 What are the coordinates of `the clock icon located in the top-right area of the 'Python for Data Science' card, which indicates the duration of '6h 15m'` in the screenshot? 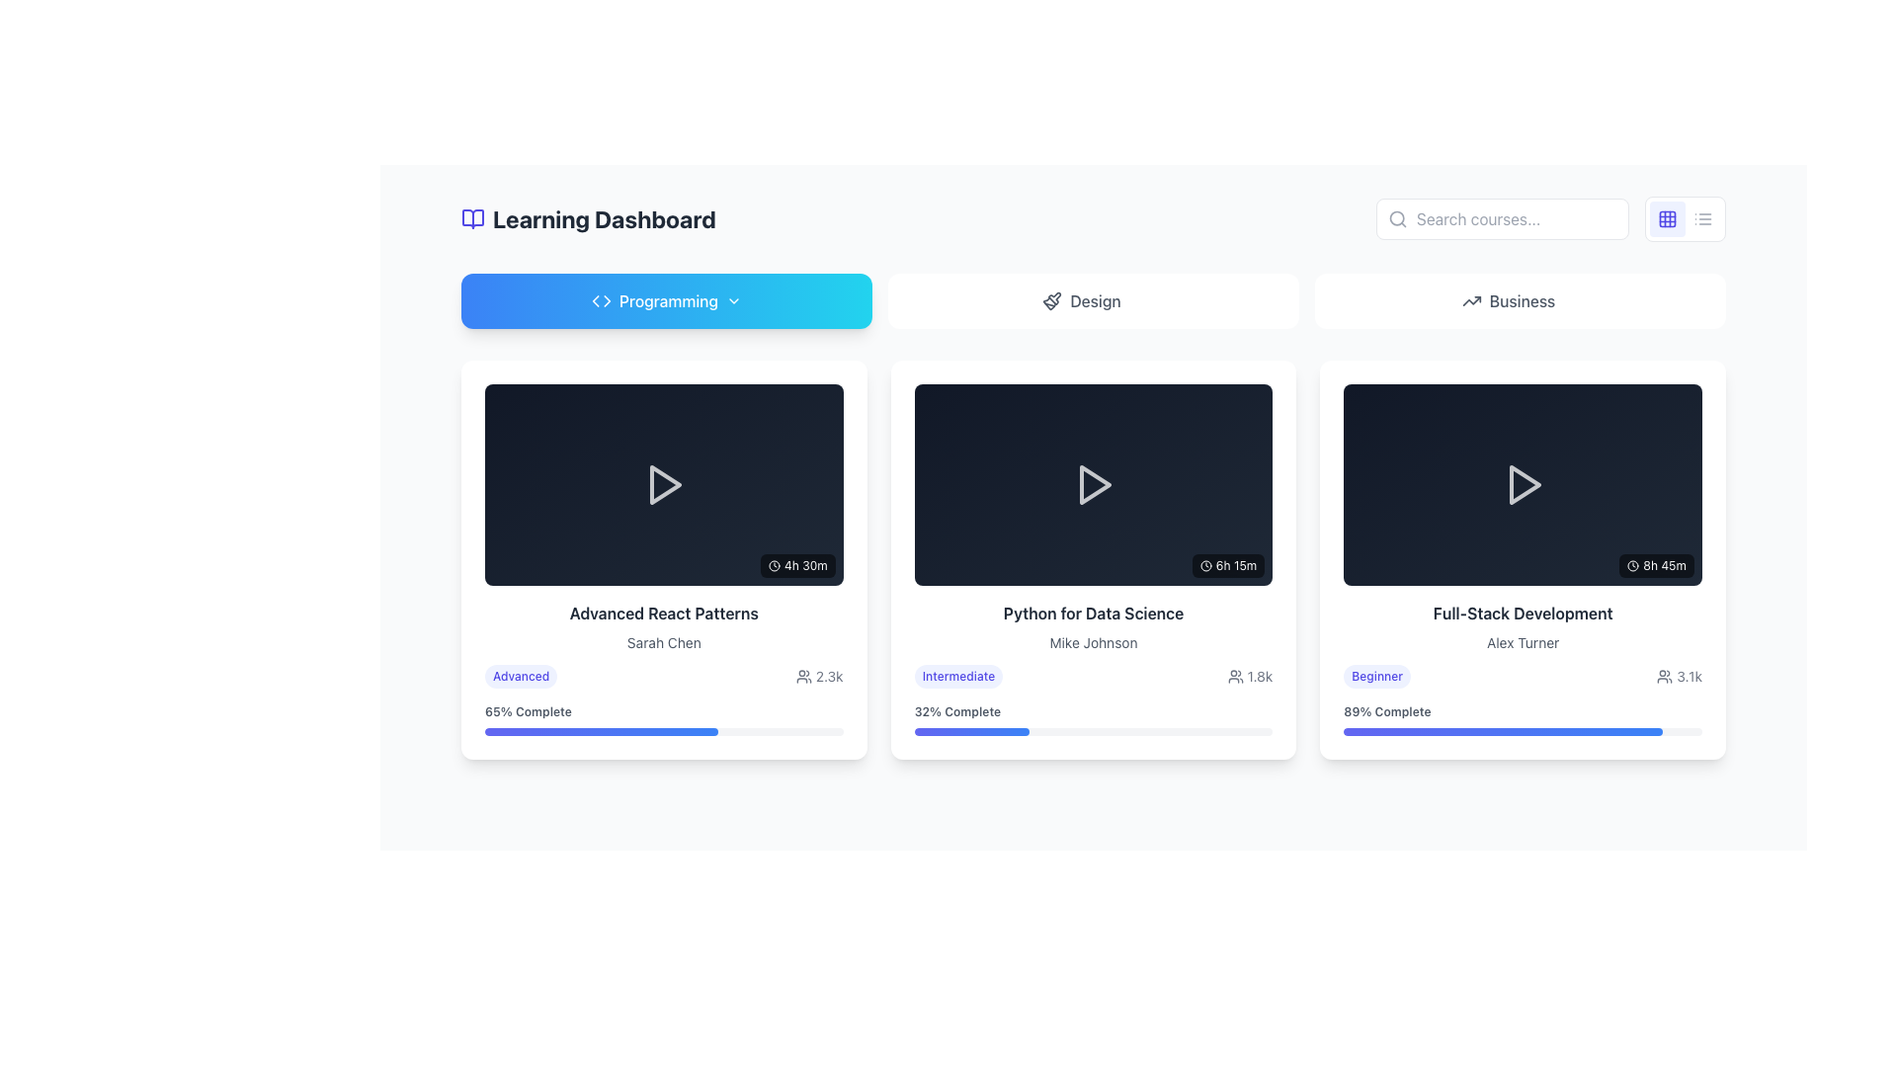 It's located at (1204, 566).